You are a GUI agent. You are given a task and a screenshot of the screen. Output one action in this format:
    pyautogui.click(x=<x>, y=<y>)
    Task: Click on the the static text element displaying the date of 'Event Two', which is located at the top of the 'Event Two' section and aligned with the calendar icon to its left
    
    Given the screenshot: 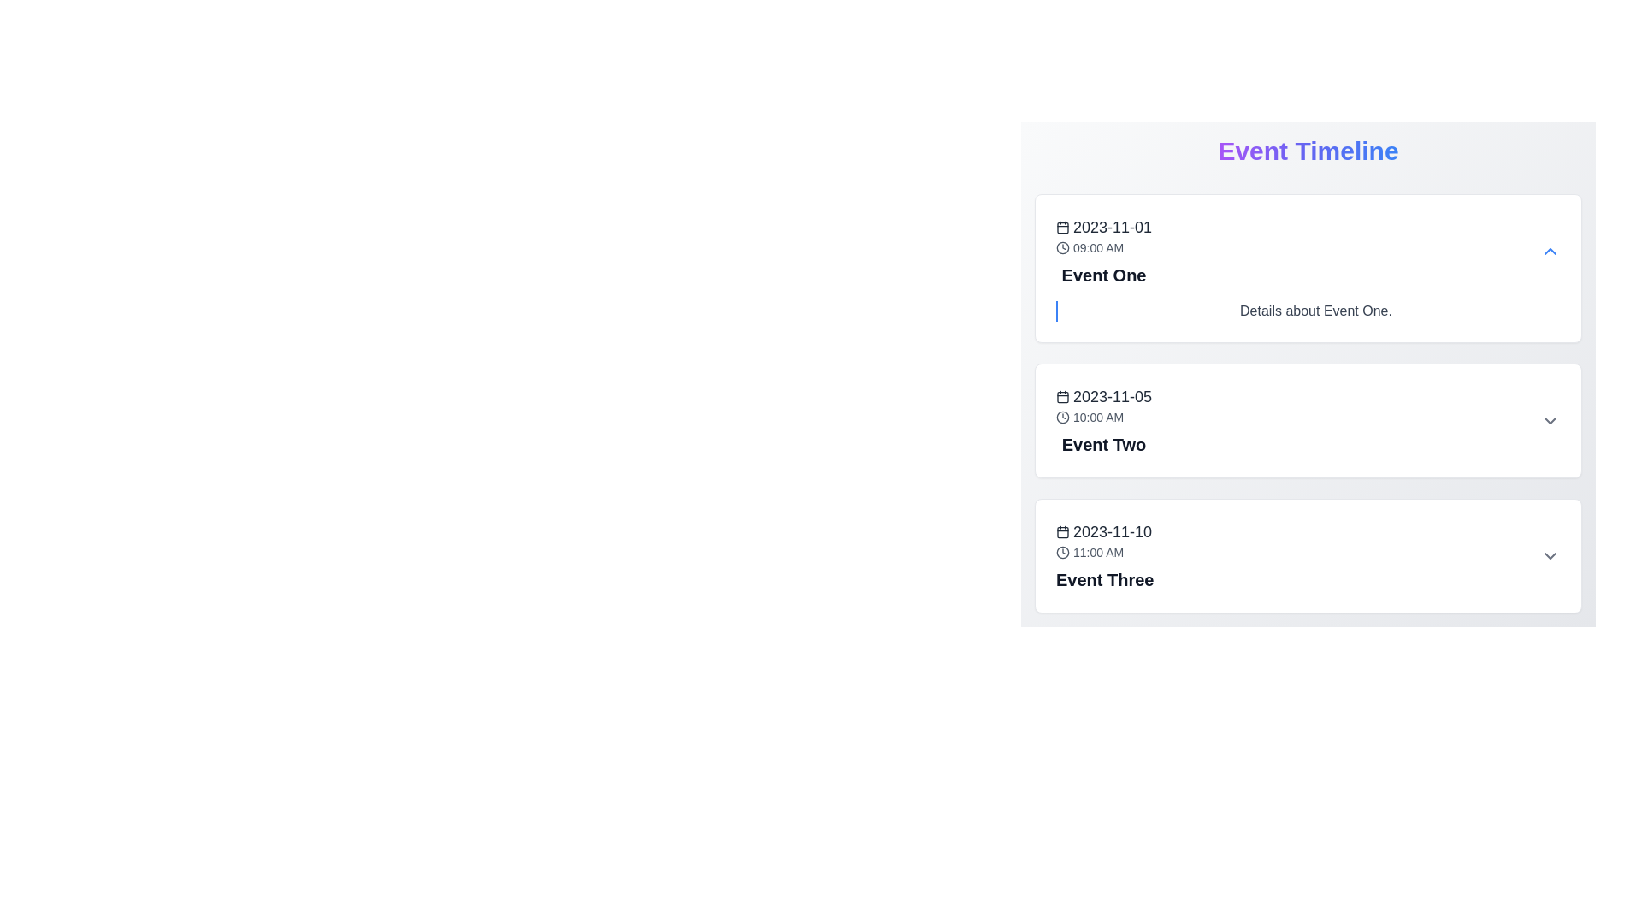 What is the action you would take?
    pyautogui.click(x=1104, y=396)
    